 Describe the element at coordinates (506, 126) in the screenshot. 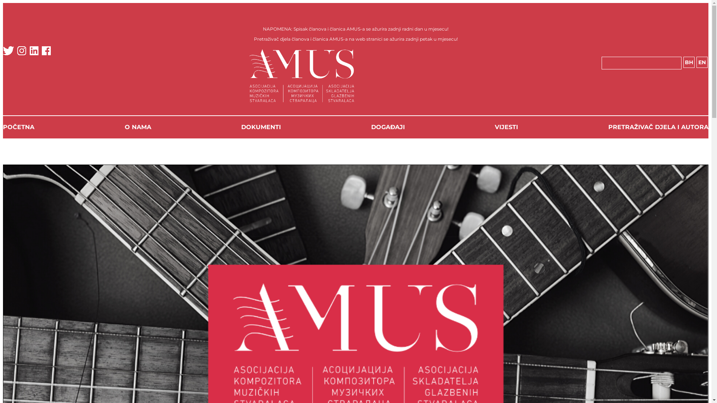

I see `'VIJESTI'` at that location.